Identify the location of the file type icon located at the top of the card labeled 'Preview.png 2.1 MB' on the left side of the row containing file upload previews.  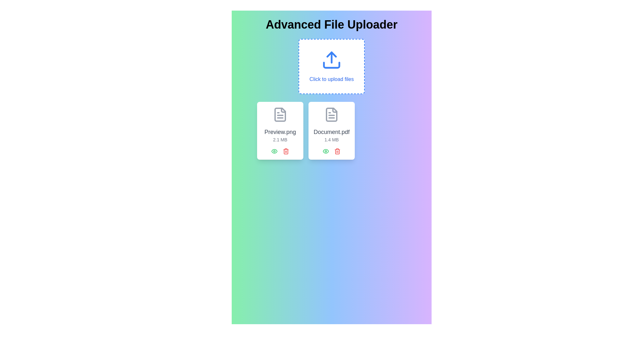
(280, 114).